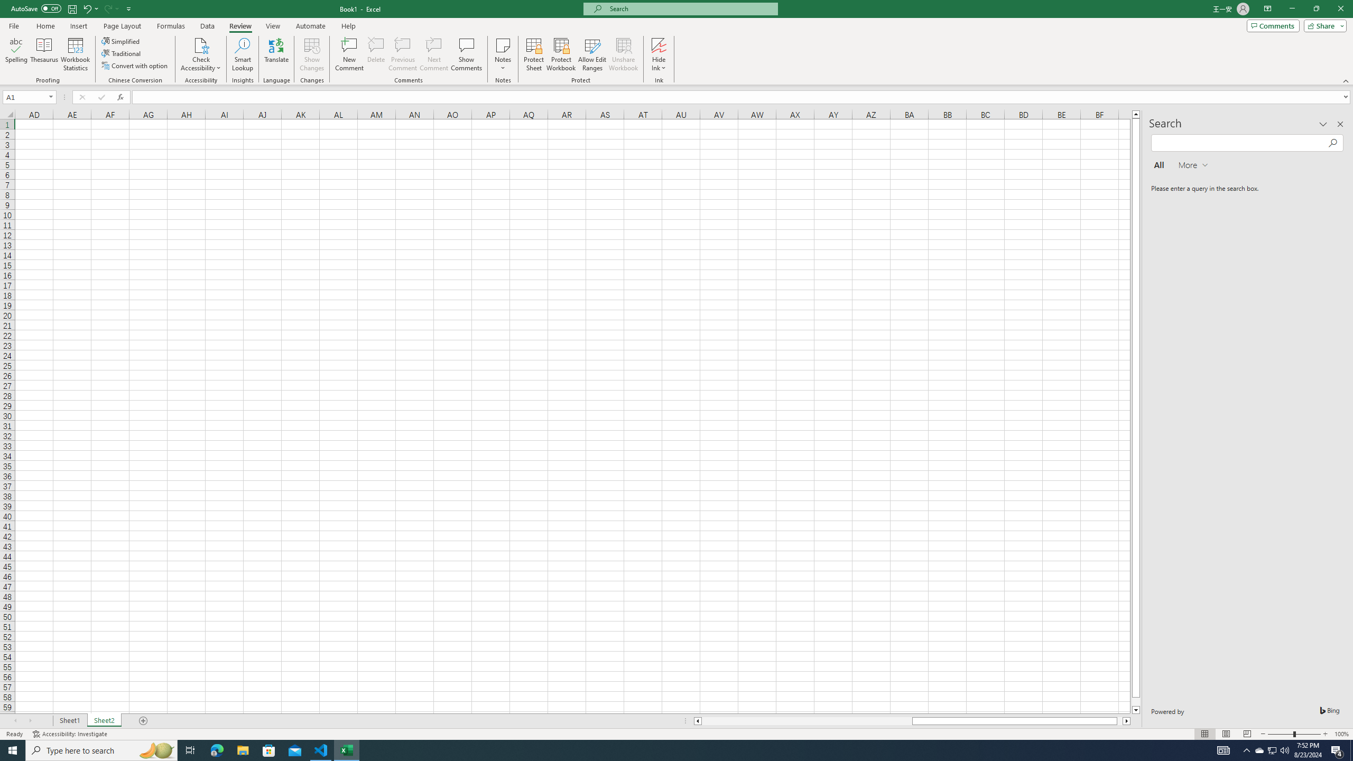  Describe the element at coordinates (503, 54) in the screenshot. I see `'Notes'` at that location.